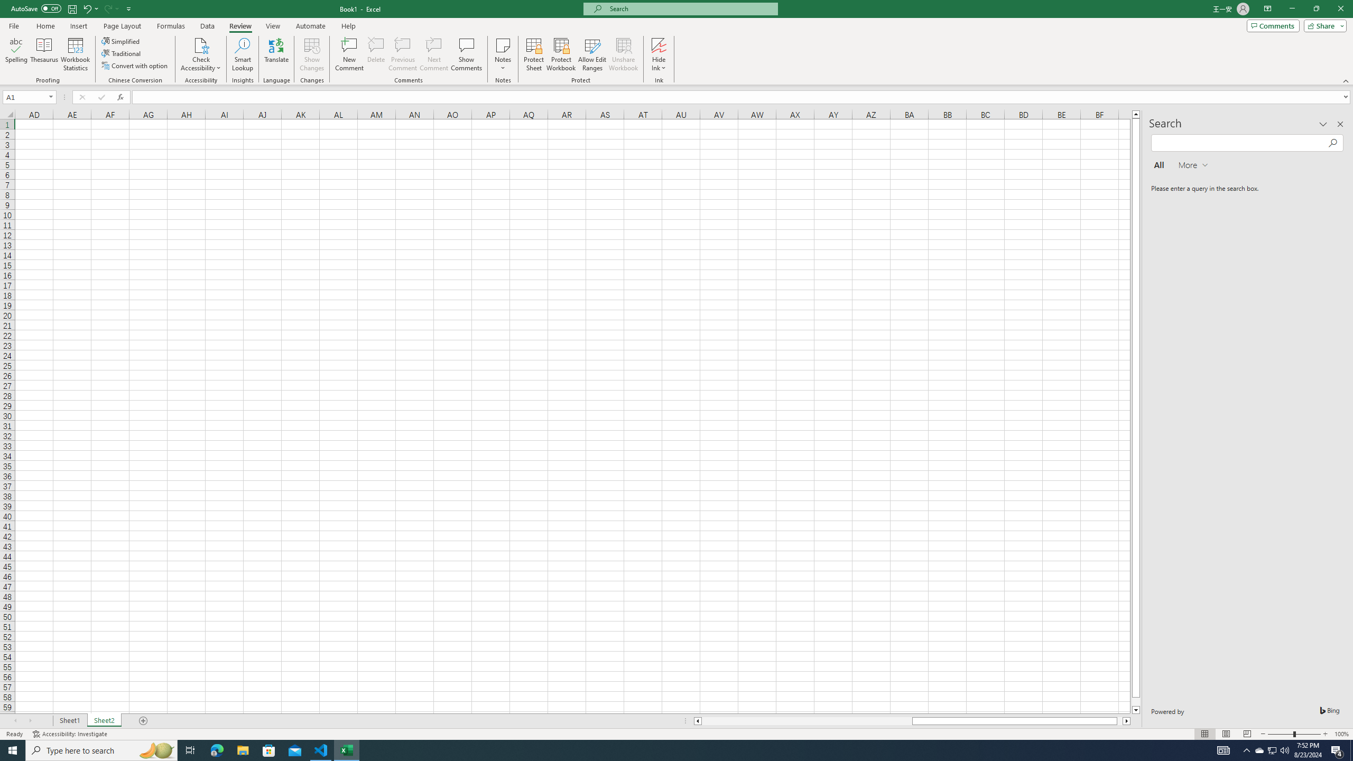  Describe the element at coordinates (503, 54) in the screenshot. I see `'Notes'` at that location.